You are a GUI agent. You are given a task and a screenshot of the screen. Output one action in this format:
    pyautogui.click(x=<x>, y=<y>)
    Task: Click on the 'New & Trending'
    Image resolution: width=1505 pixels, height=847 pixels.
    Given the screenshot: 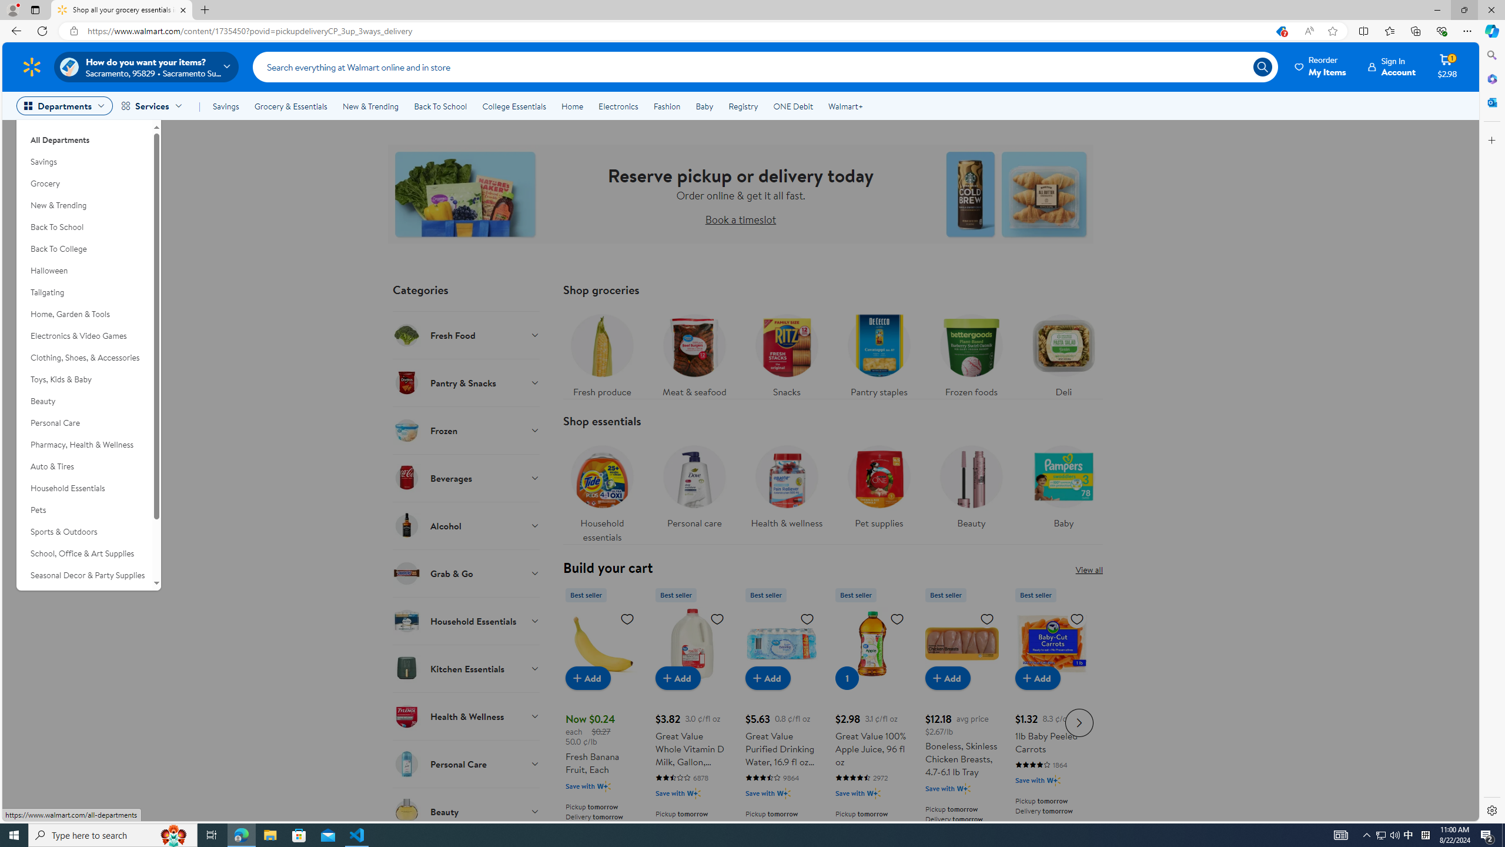 What is the action you would take?
    pyautogui.click(x=371, y=106)
    